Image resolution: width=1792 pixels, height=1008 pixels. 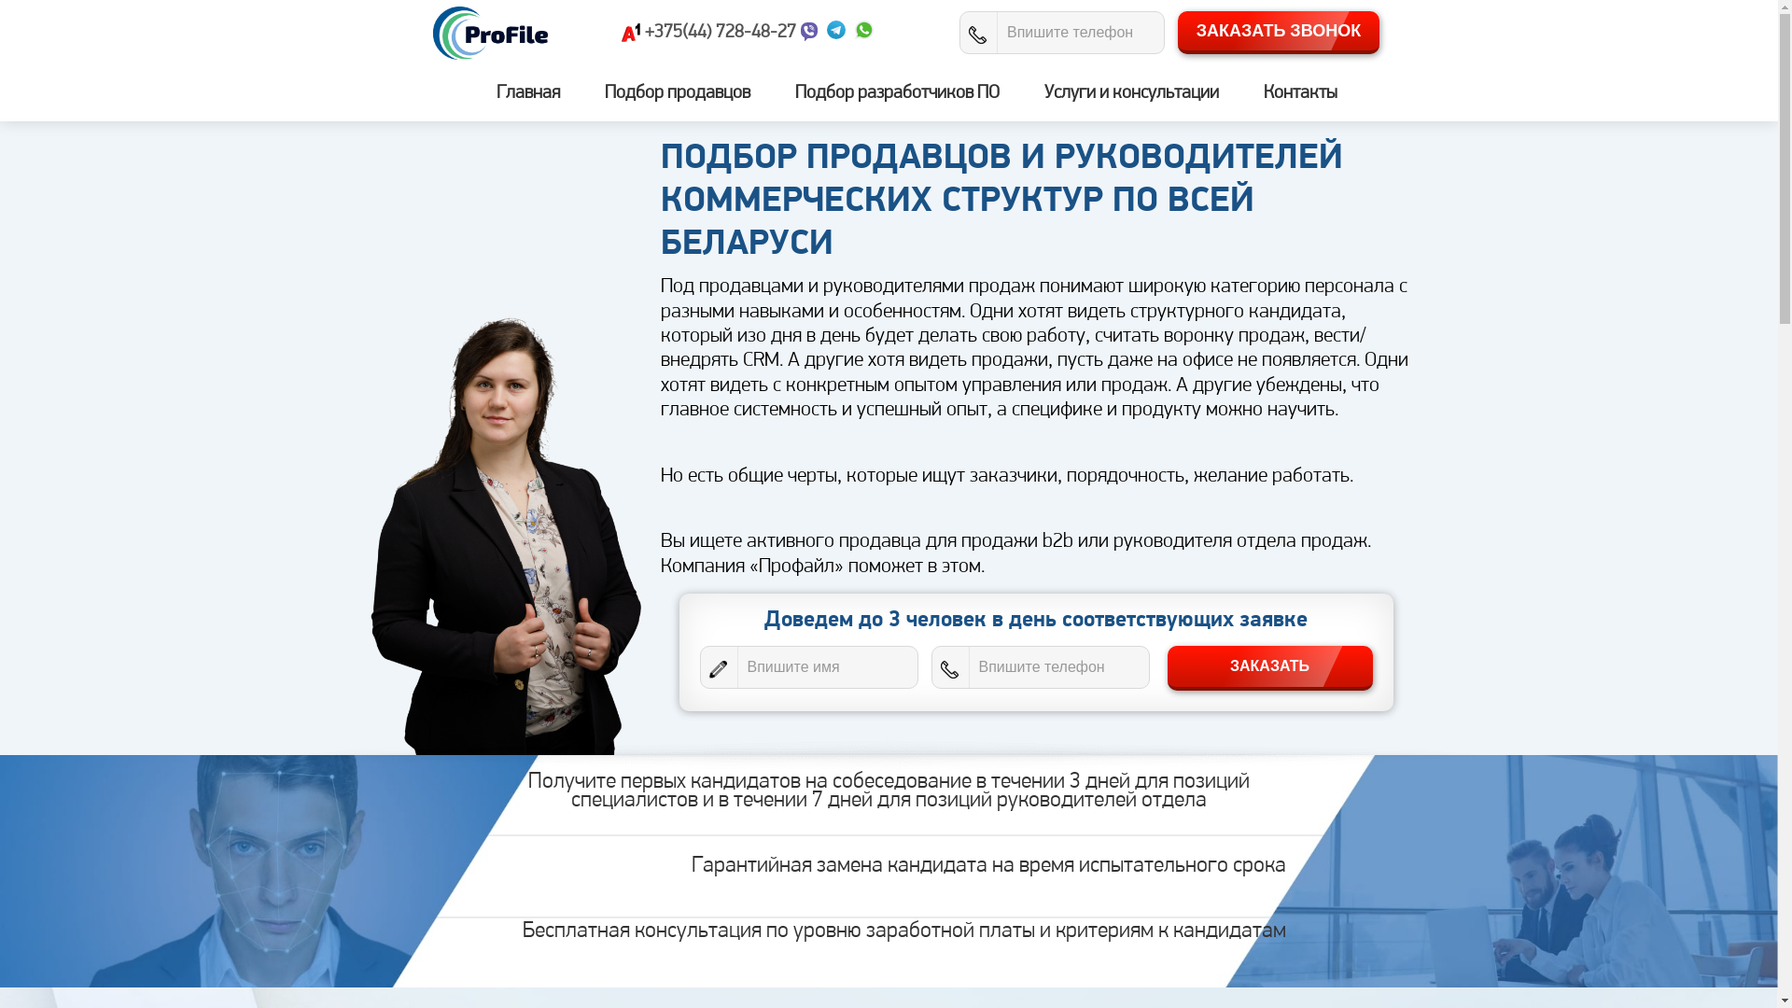 I want to click on '+375(44) 728-48-27', so click(x=719, y=32).